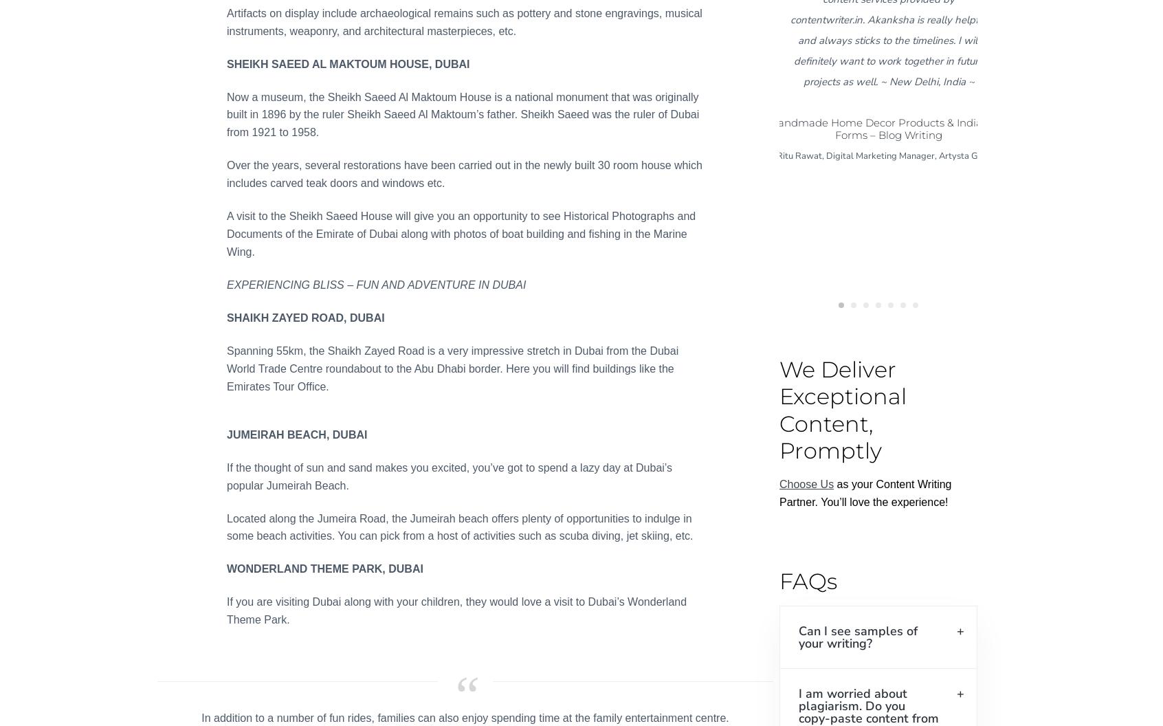 Image resolution: width=1163 pixels, height=726 pixels. Describe the element at coordinates (452, 368) in the screenshot. I see `'Spanning 55km, the Shaikh Zayed Road is a very impressive stretch in Dubai from the Dubai World Trade Centre roundabout to the Abu Dhabi border. Here you will find buildings like the Emirates Tour Office.'` at that location.